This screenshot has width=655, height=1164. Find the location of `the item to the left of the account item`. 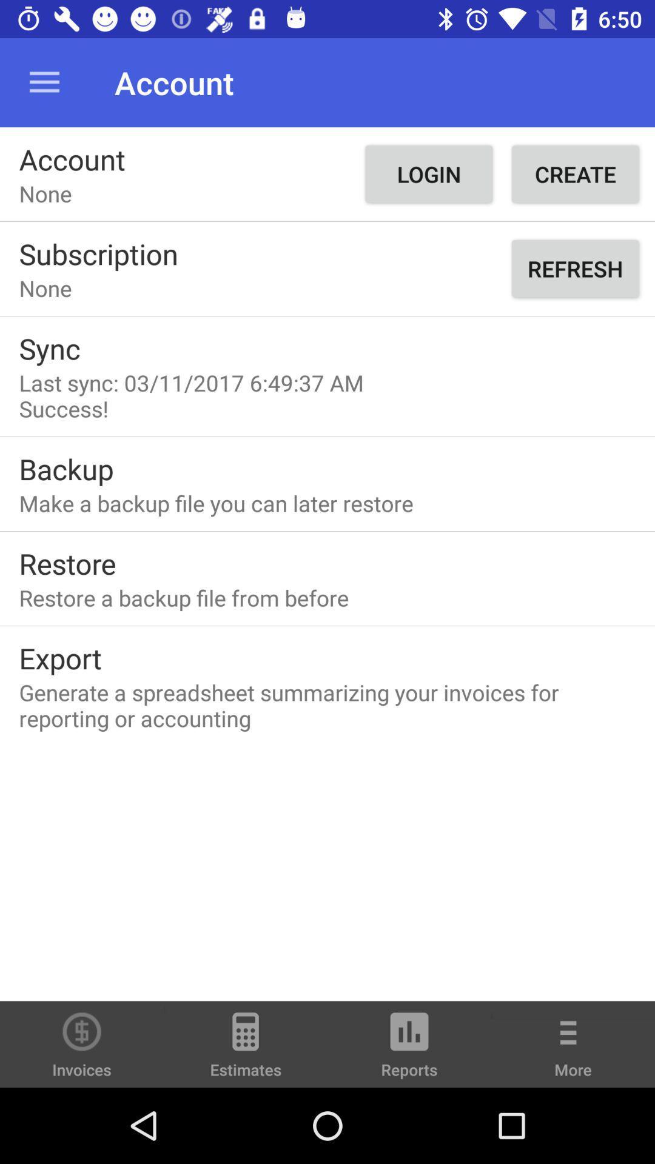

the item to the left of the account item is located at coordinates (44, 82).